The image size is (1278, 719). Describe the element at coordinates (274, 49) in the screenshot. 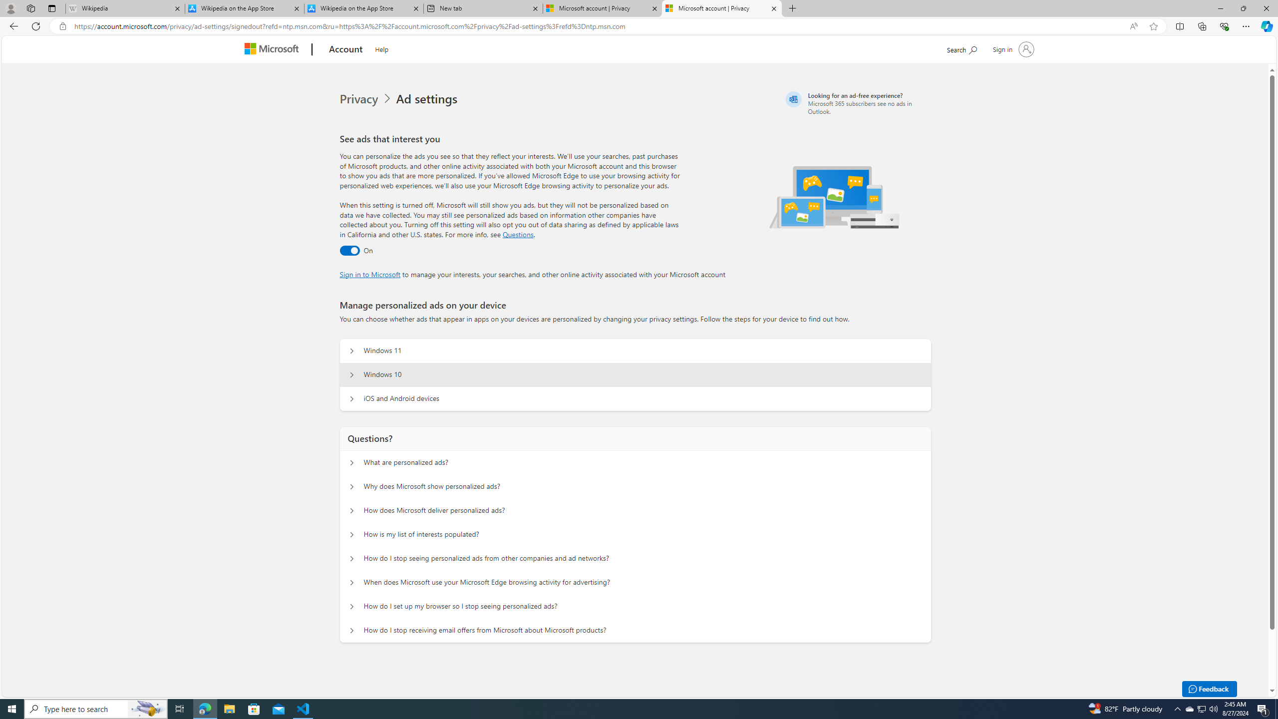

I see `'Microsoft'` at that location.